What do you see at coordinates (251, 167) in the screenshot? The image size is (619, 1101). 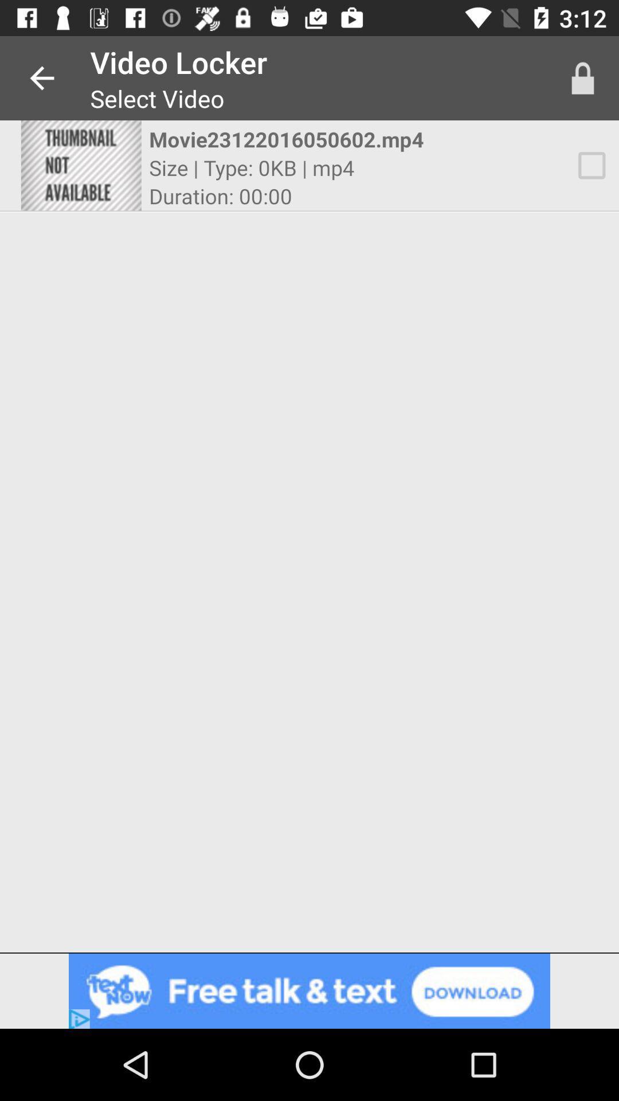 I see `size type 0kb item` at bounding box center [251, 167].